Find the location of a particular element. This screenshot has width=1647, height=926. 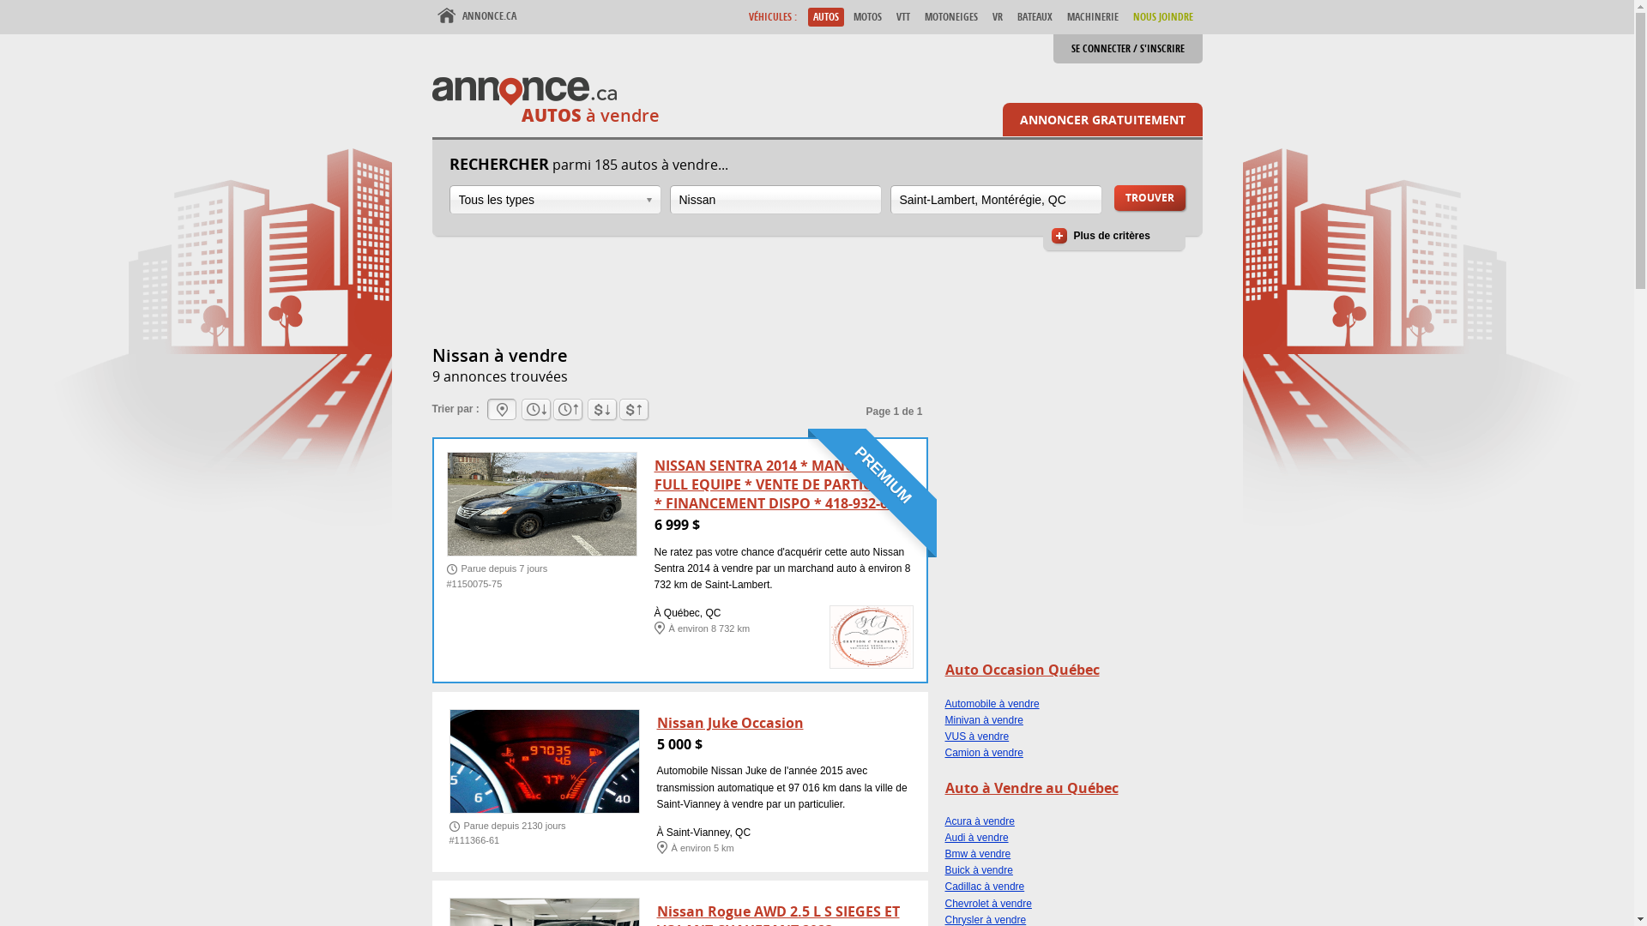

'MACHINERIE' is located at coordinates (1091, 16).